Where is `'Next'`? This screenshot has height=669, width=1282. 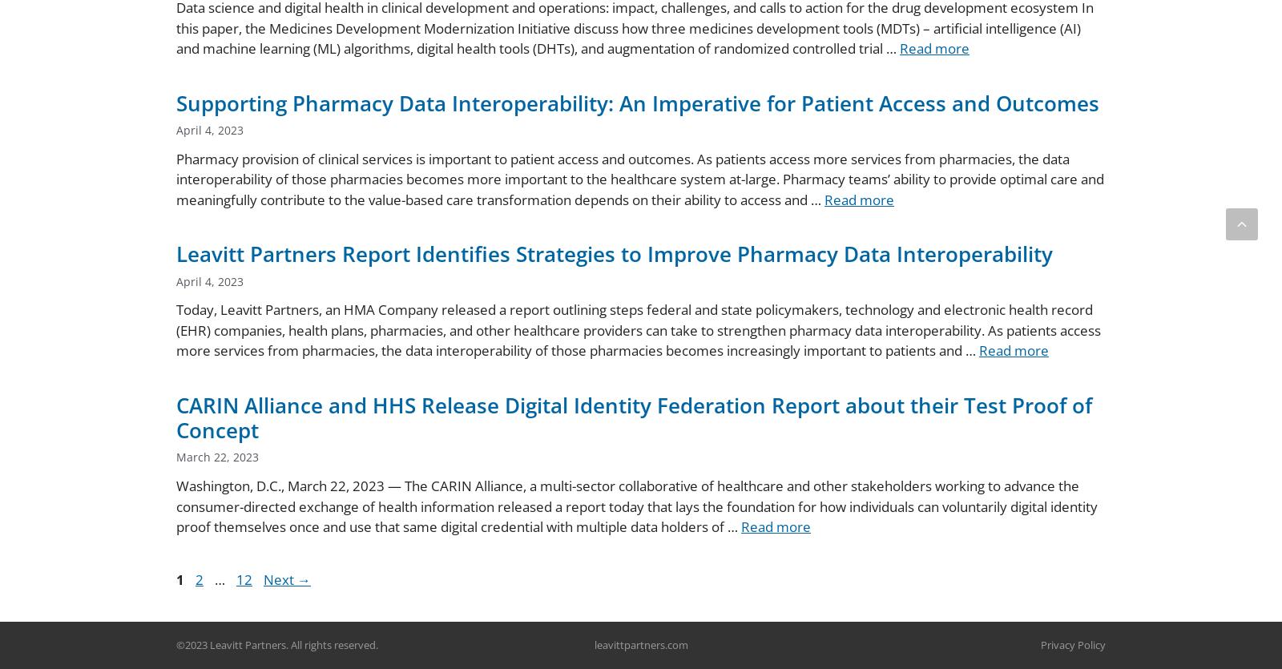
'Next' is located at coordinates (280, 578).